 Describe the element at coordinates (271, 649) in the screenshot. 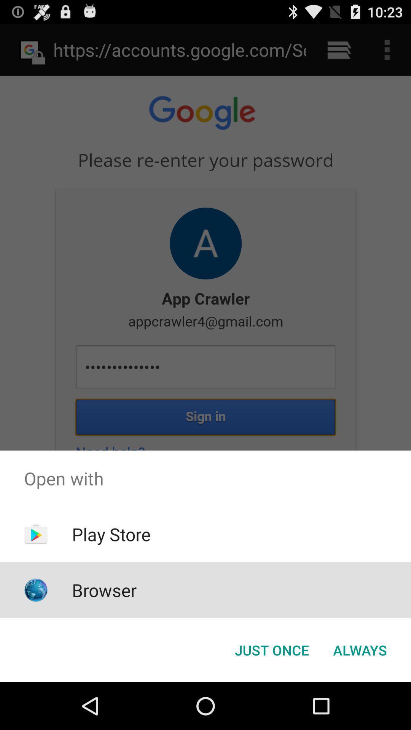

I see `app below the open with app` at that location.